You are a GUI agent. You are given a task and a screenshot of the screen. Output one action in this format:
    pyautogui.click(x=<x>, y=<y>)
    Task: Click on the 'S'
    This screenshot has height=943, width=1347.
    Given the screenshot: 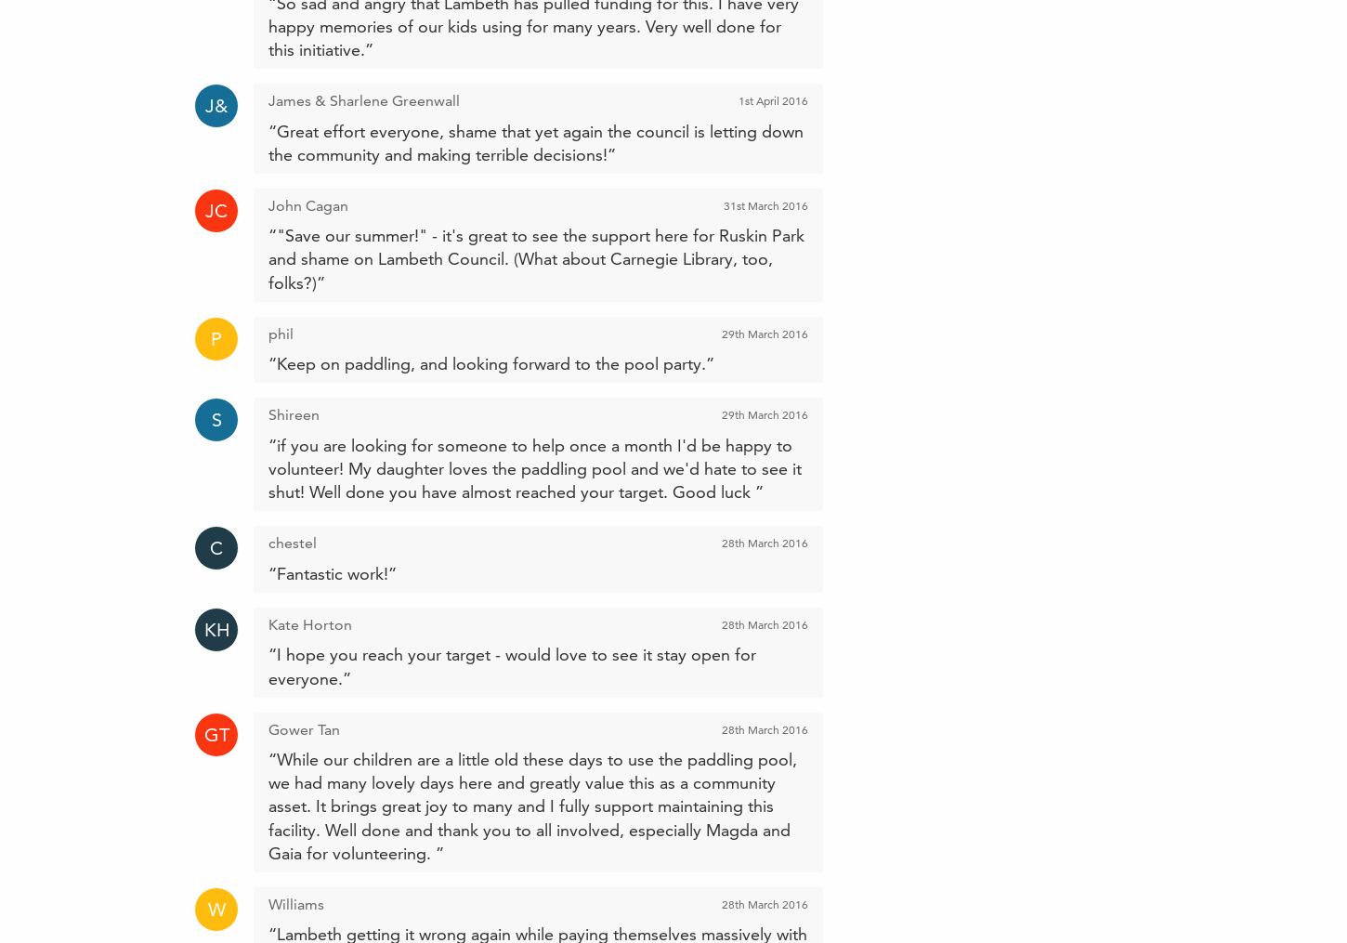 What is the action you would take?
    pyautogui.click(x=215, y=418)
    